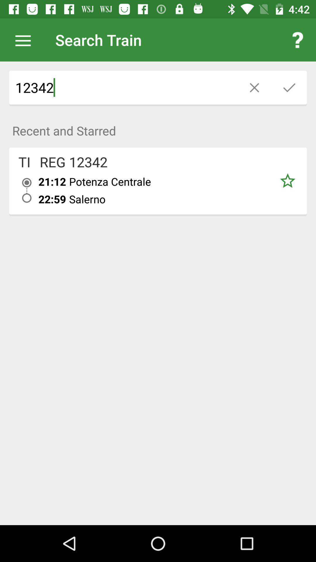  I want to click on to favorites, so click(287, 181).